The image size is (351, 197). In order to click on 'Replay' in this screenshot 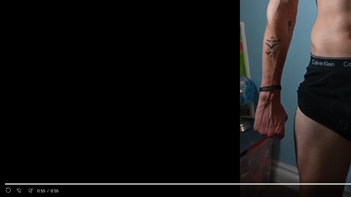, I will do `click(8, 190)`.